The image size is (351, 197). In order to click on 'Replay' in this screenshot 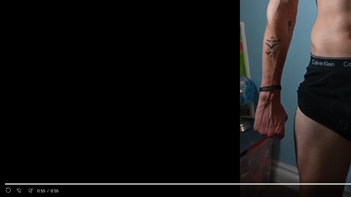, I will do `click(8, 190)`.